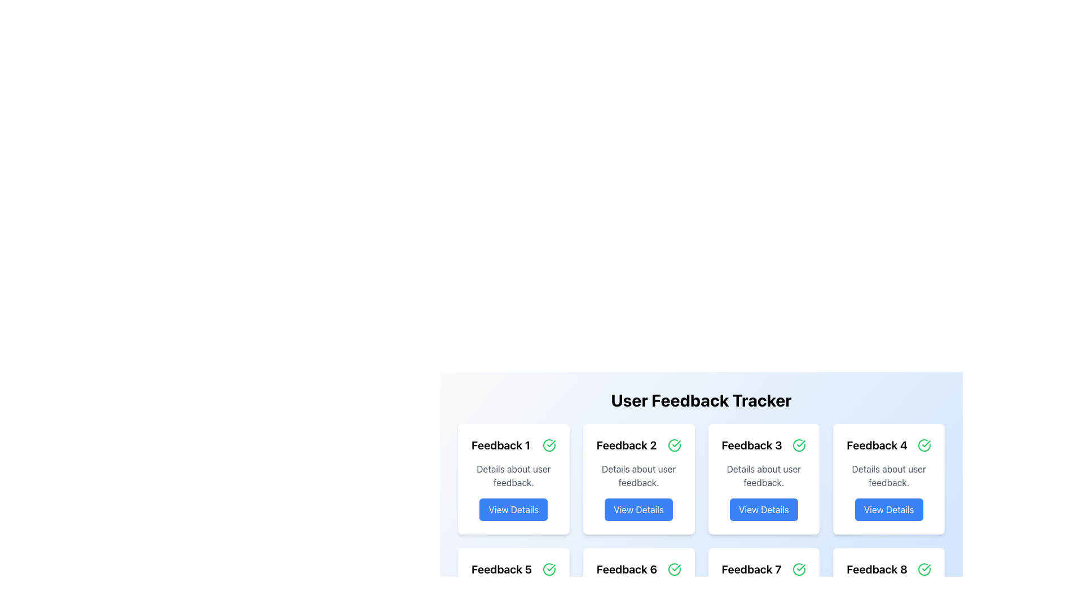 The image size is (1083, 609). Describe the element at coordinates (752, 445) in the screenshot. I see `static text element that serves as the title or heading for the feedback card located in the second row and third column of the grid layout, positioned horizontally centered at the top of the card` at that location.